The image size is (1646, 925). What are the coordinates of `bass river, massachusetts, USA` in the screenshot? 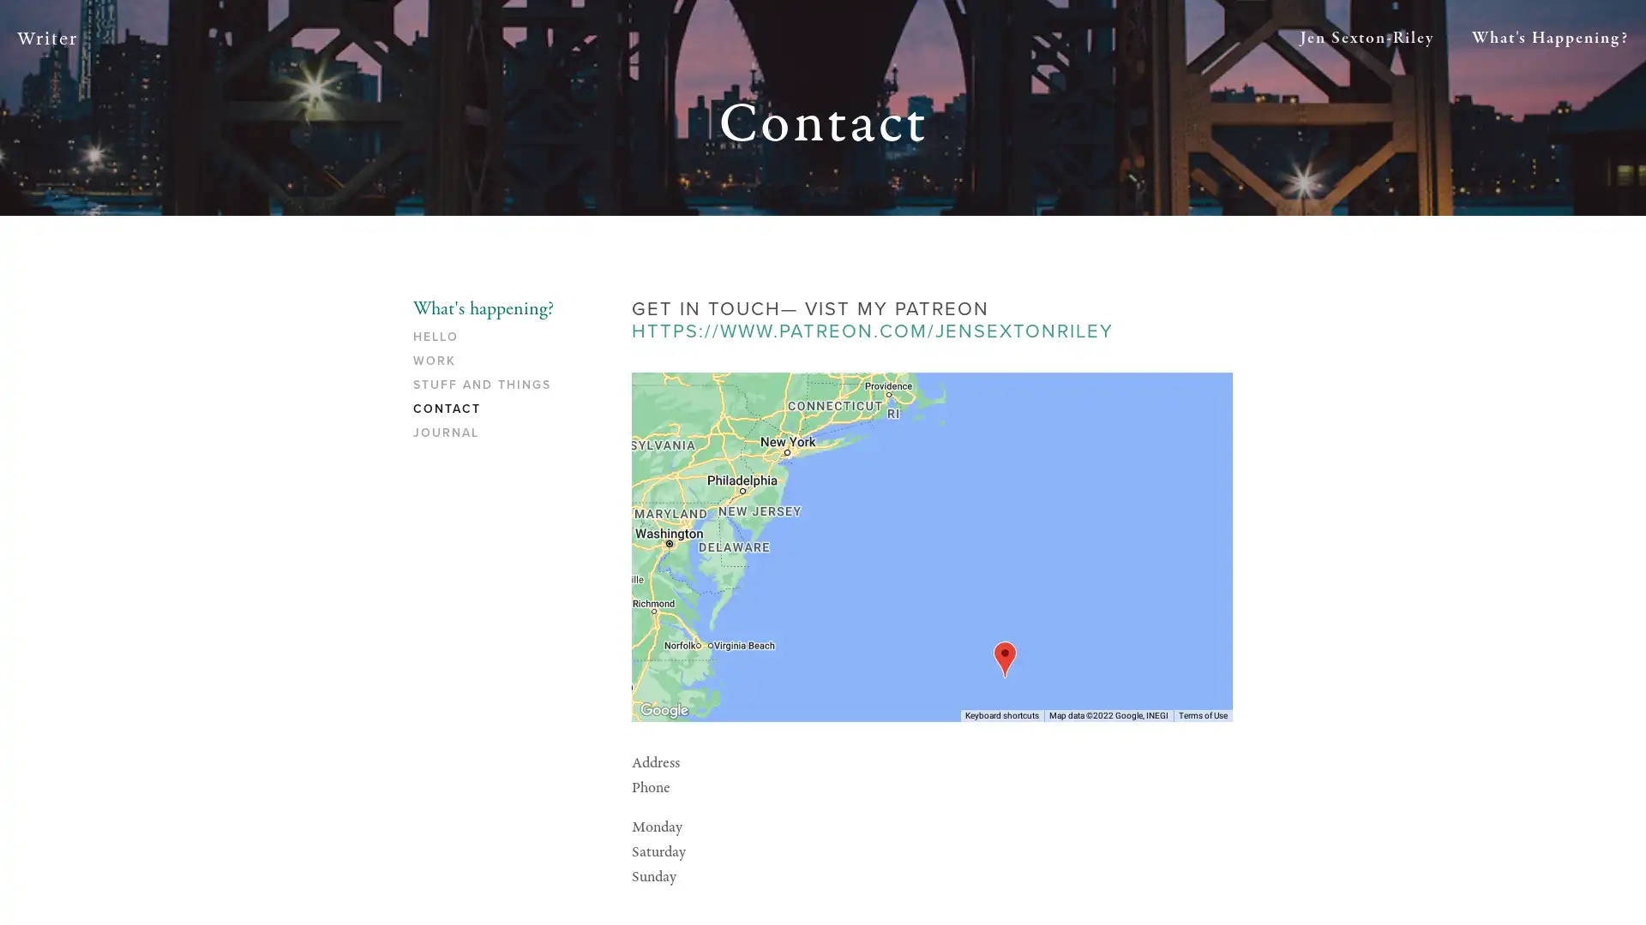 It's located at (1004, 658).